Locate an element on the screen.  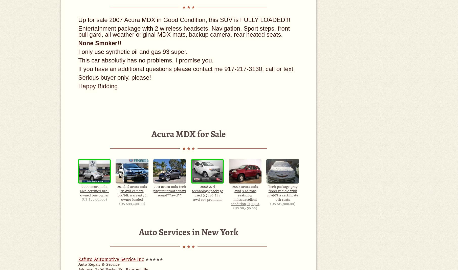
'2011(11) acura mdx tv-dvd camera blk/blk warranty 1 owner loaded' is located at coordinates (132, 193).